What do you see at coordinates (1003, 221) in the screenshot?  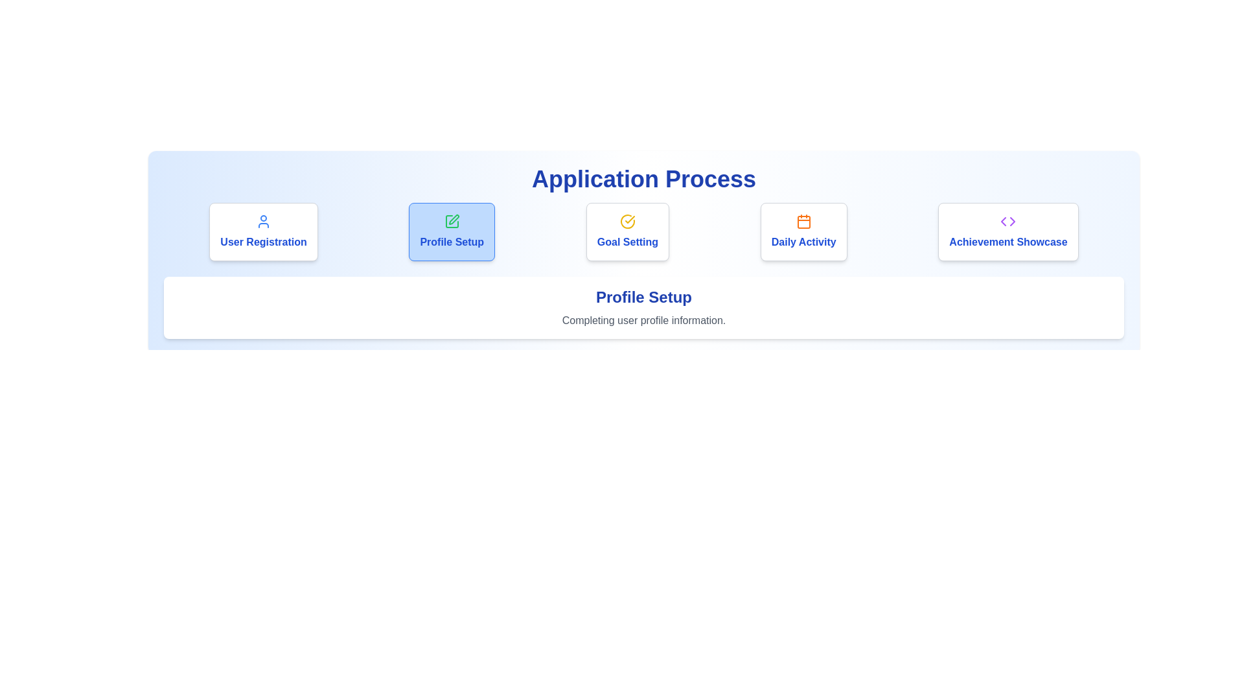 I see `the small, leftward pointing triangular arrow icon styled with purple color within the 'Achievement Showcase' card` at bounding box center [1003, 221].